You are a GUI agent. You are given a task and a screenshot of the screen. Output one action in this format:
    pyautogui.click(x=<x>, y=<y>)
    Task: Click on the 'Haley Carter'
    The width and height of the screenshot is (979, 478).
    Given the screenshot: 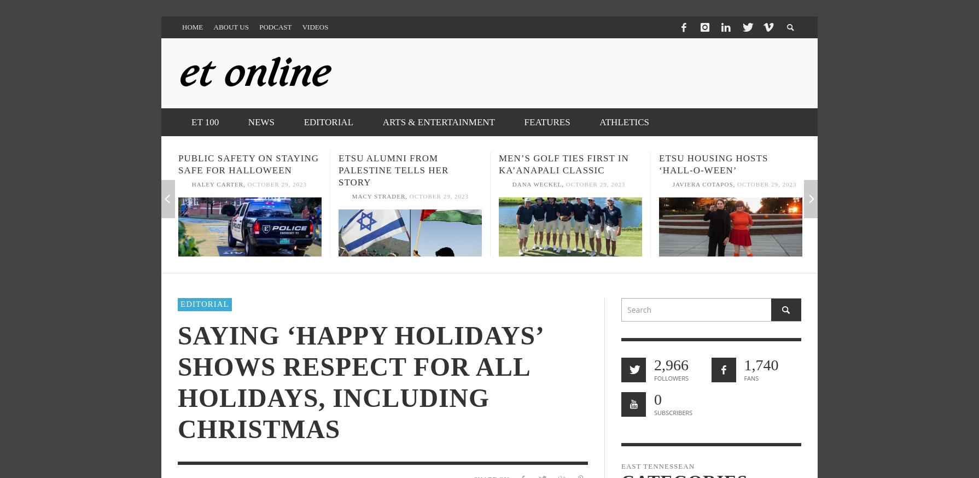 What is the action you would take?
    pyautogui.click(x=217, y=184)
    